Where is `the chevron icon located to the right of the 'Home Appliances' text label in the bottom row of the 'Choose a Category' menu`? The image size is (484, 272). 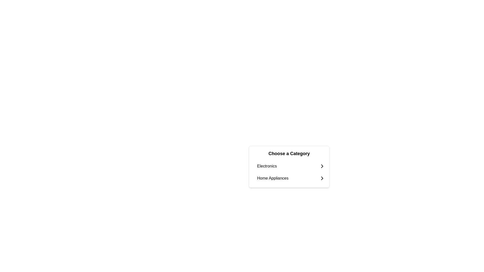 the chevron icon located to the right of the 'Home Appliances' text label in the bottom row of the 'Choose a Category' menu is located at coordinates (322, 178).